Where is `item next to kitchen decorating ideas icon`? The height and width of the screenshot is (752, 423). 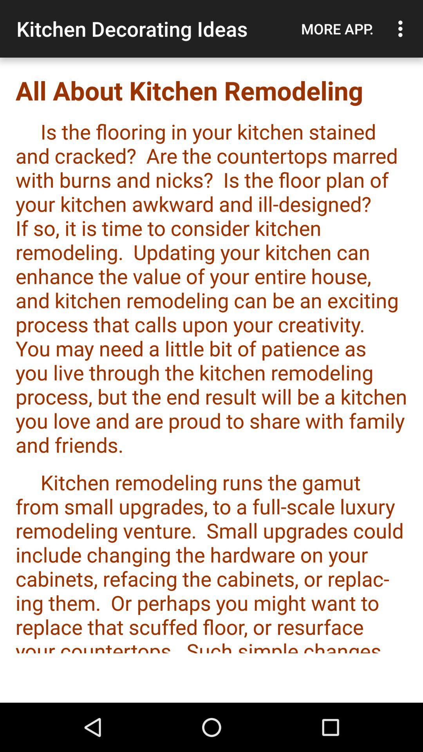
item next to kitchen decorating ideas icon is located at coordinates (337, 29).